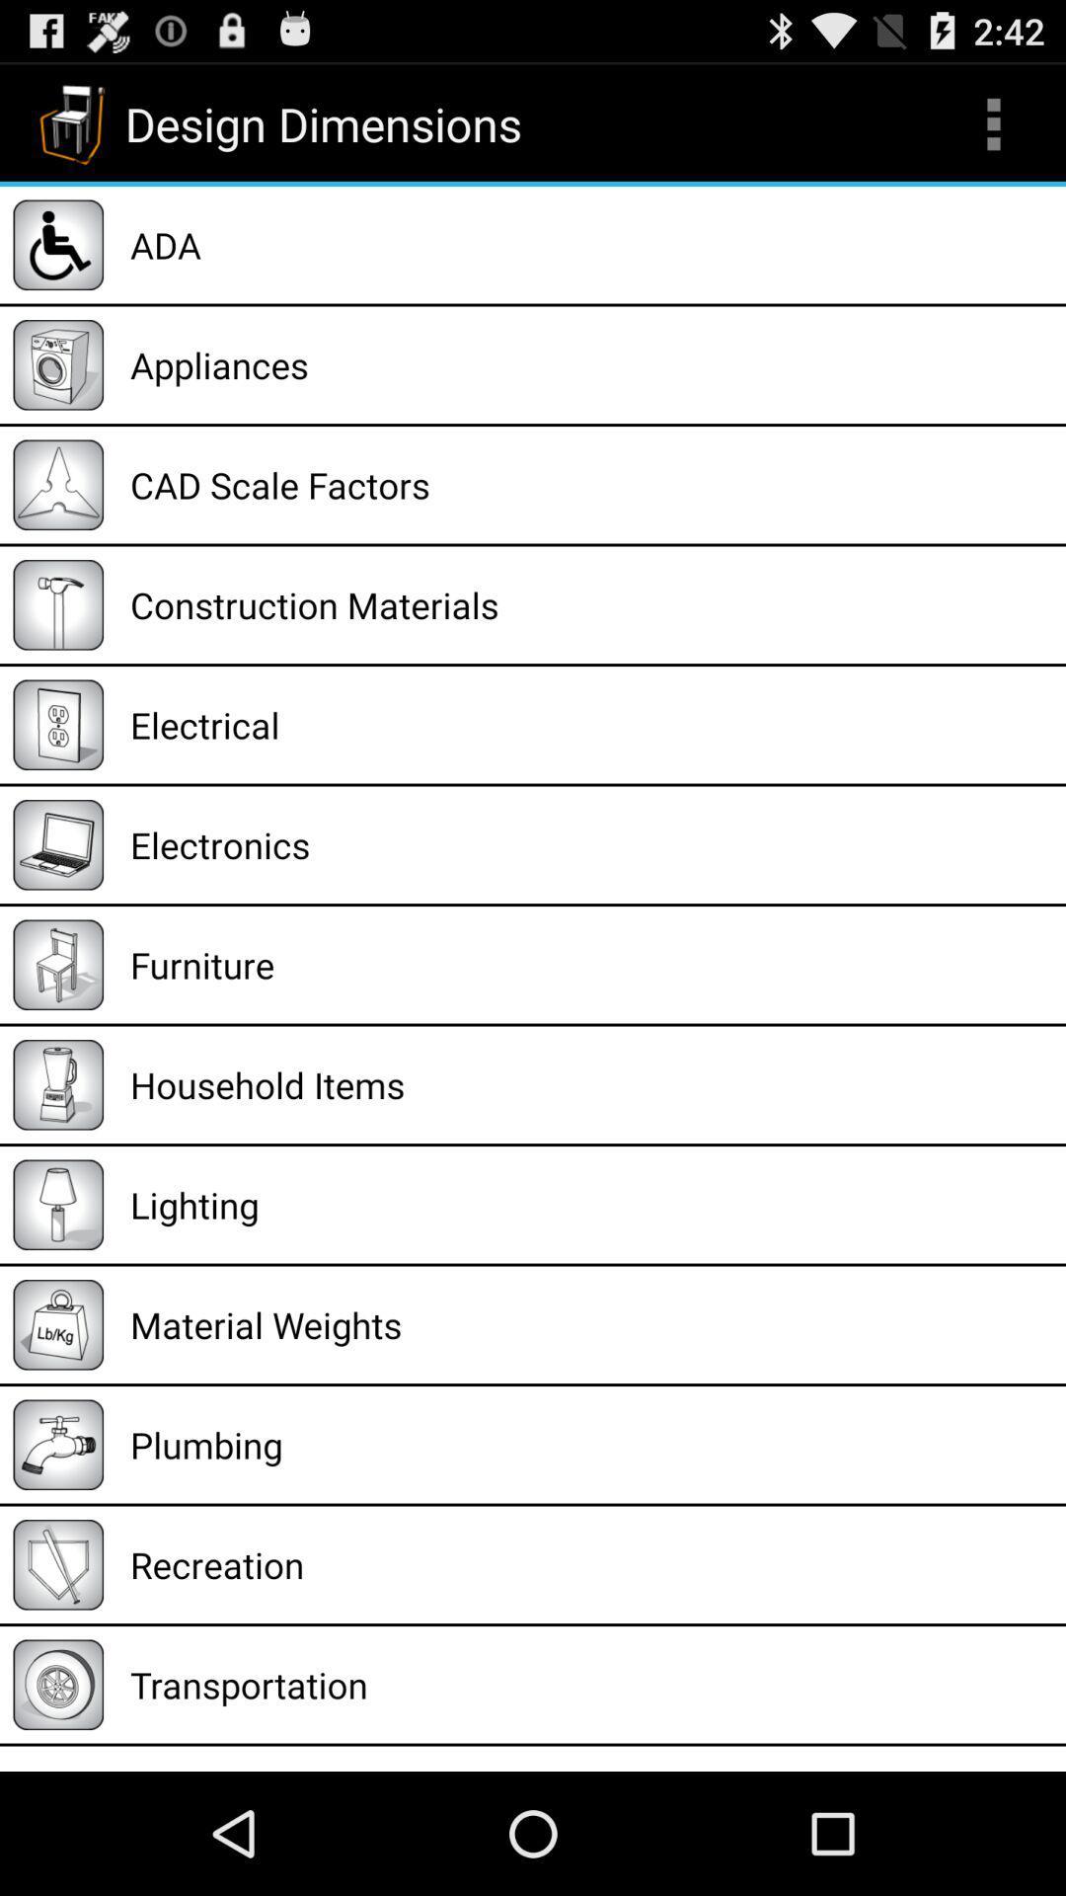  What do you see at coordinates (993, 122) in the screenshot?
I see `item above the ada` at bounding box center [993, 122].